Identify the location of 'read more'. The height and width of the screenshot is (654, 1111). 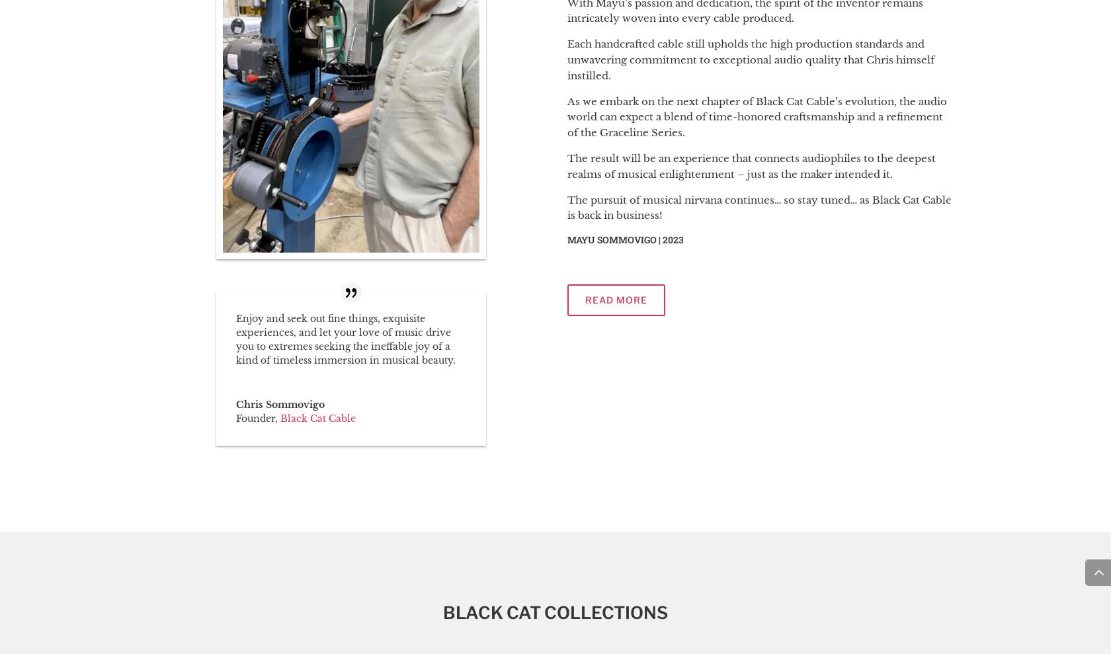
(616, 299).